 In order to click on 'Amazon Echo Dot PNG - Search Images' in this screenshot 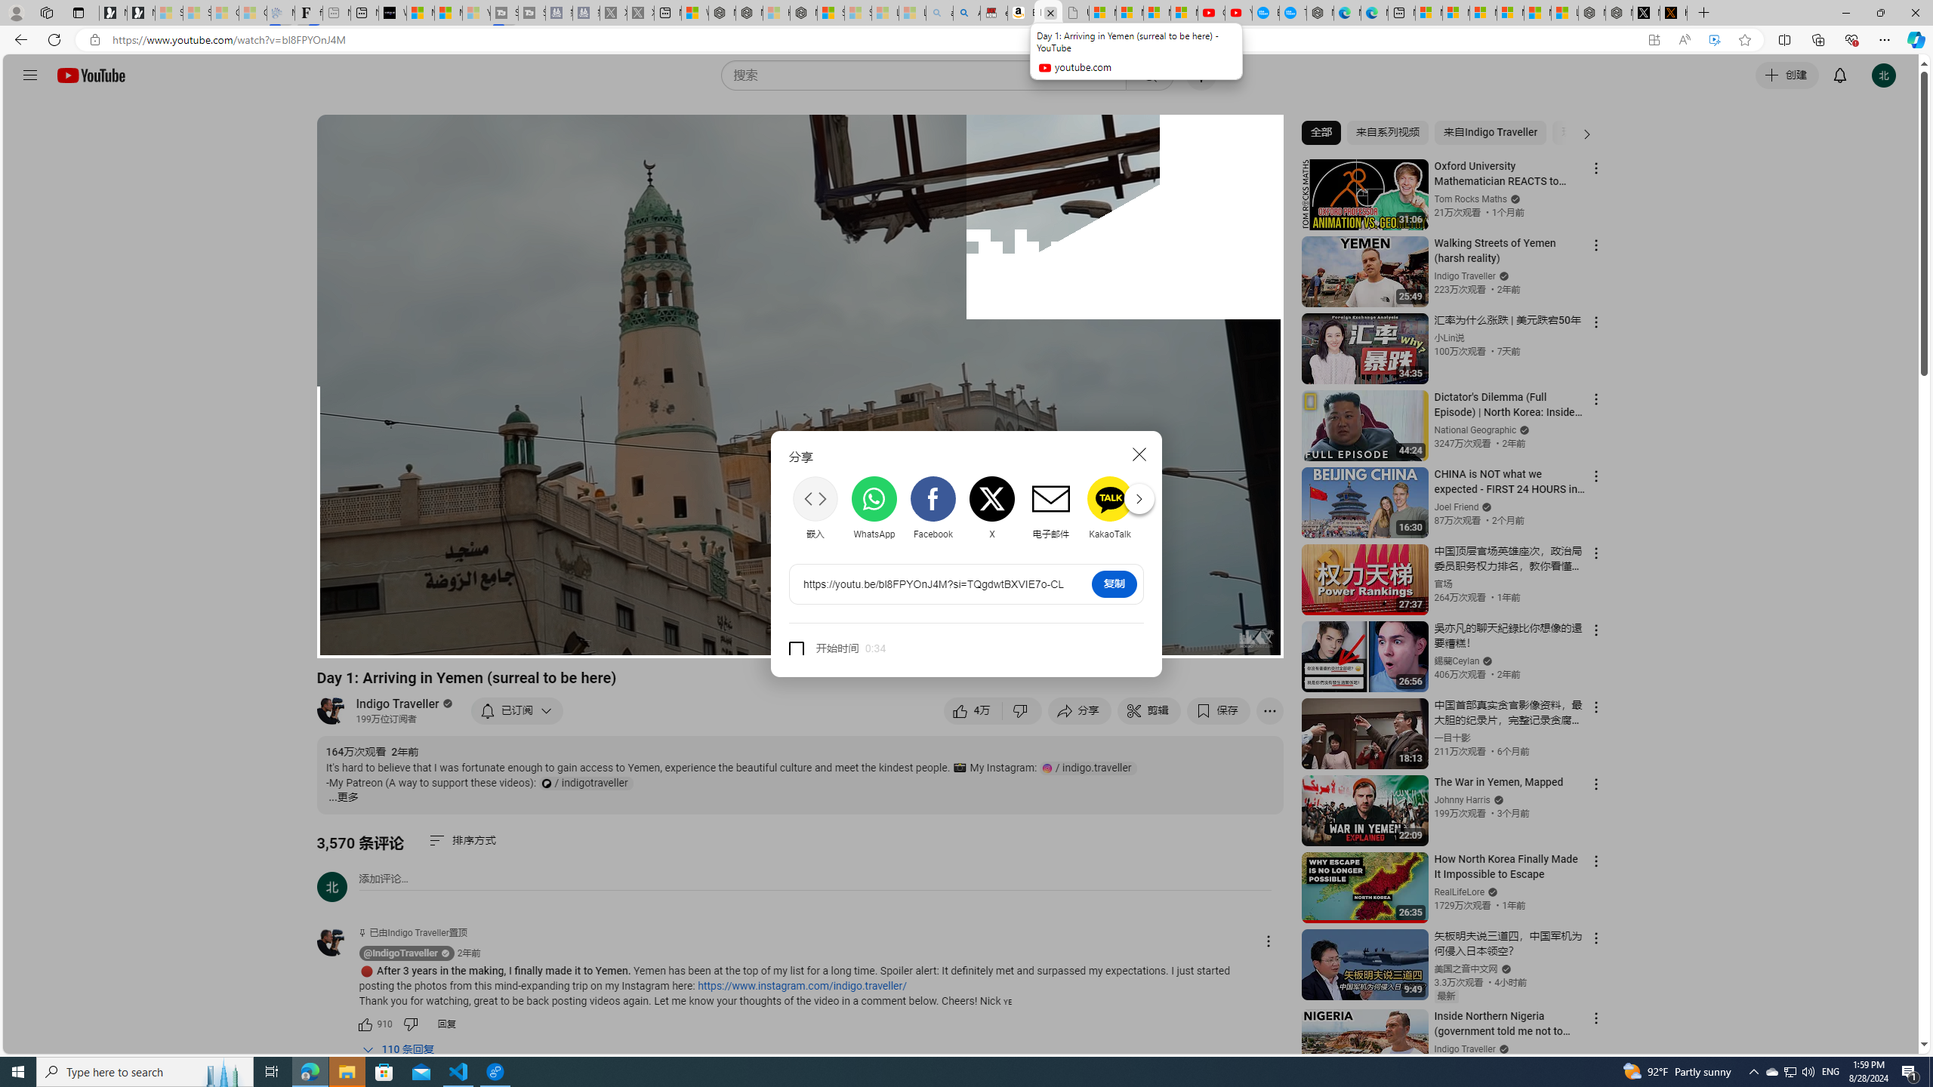, I will do `click(966, 12)`.